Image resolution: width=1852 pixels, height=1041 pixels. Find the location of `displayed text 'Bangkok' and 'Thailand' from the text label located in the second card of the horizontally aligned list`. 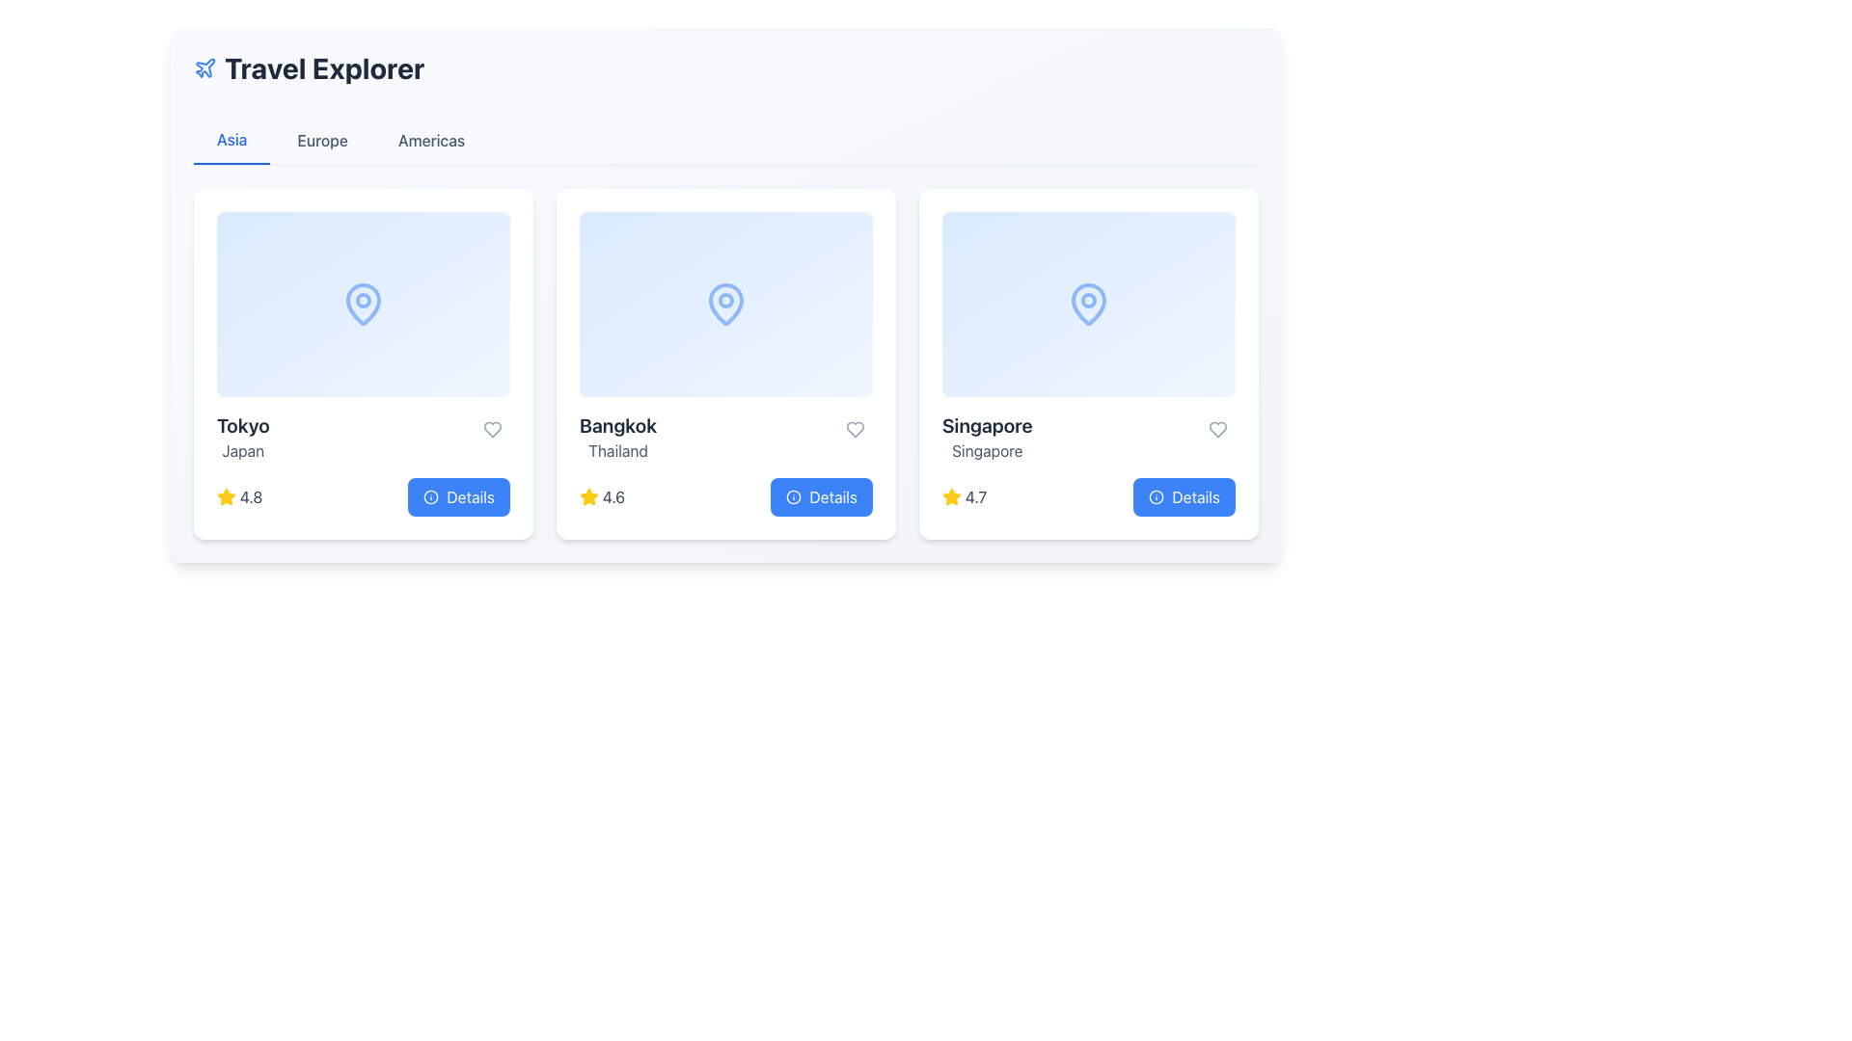

displayed text 'Bangkok' and 'Thailand' from the text label located in the second card of the horizontally aligned list is located at coordinates (618, 438).